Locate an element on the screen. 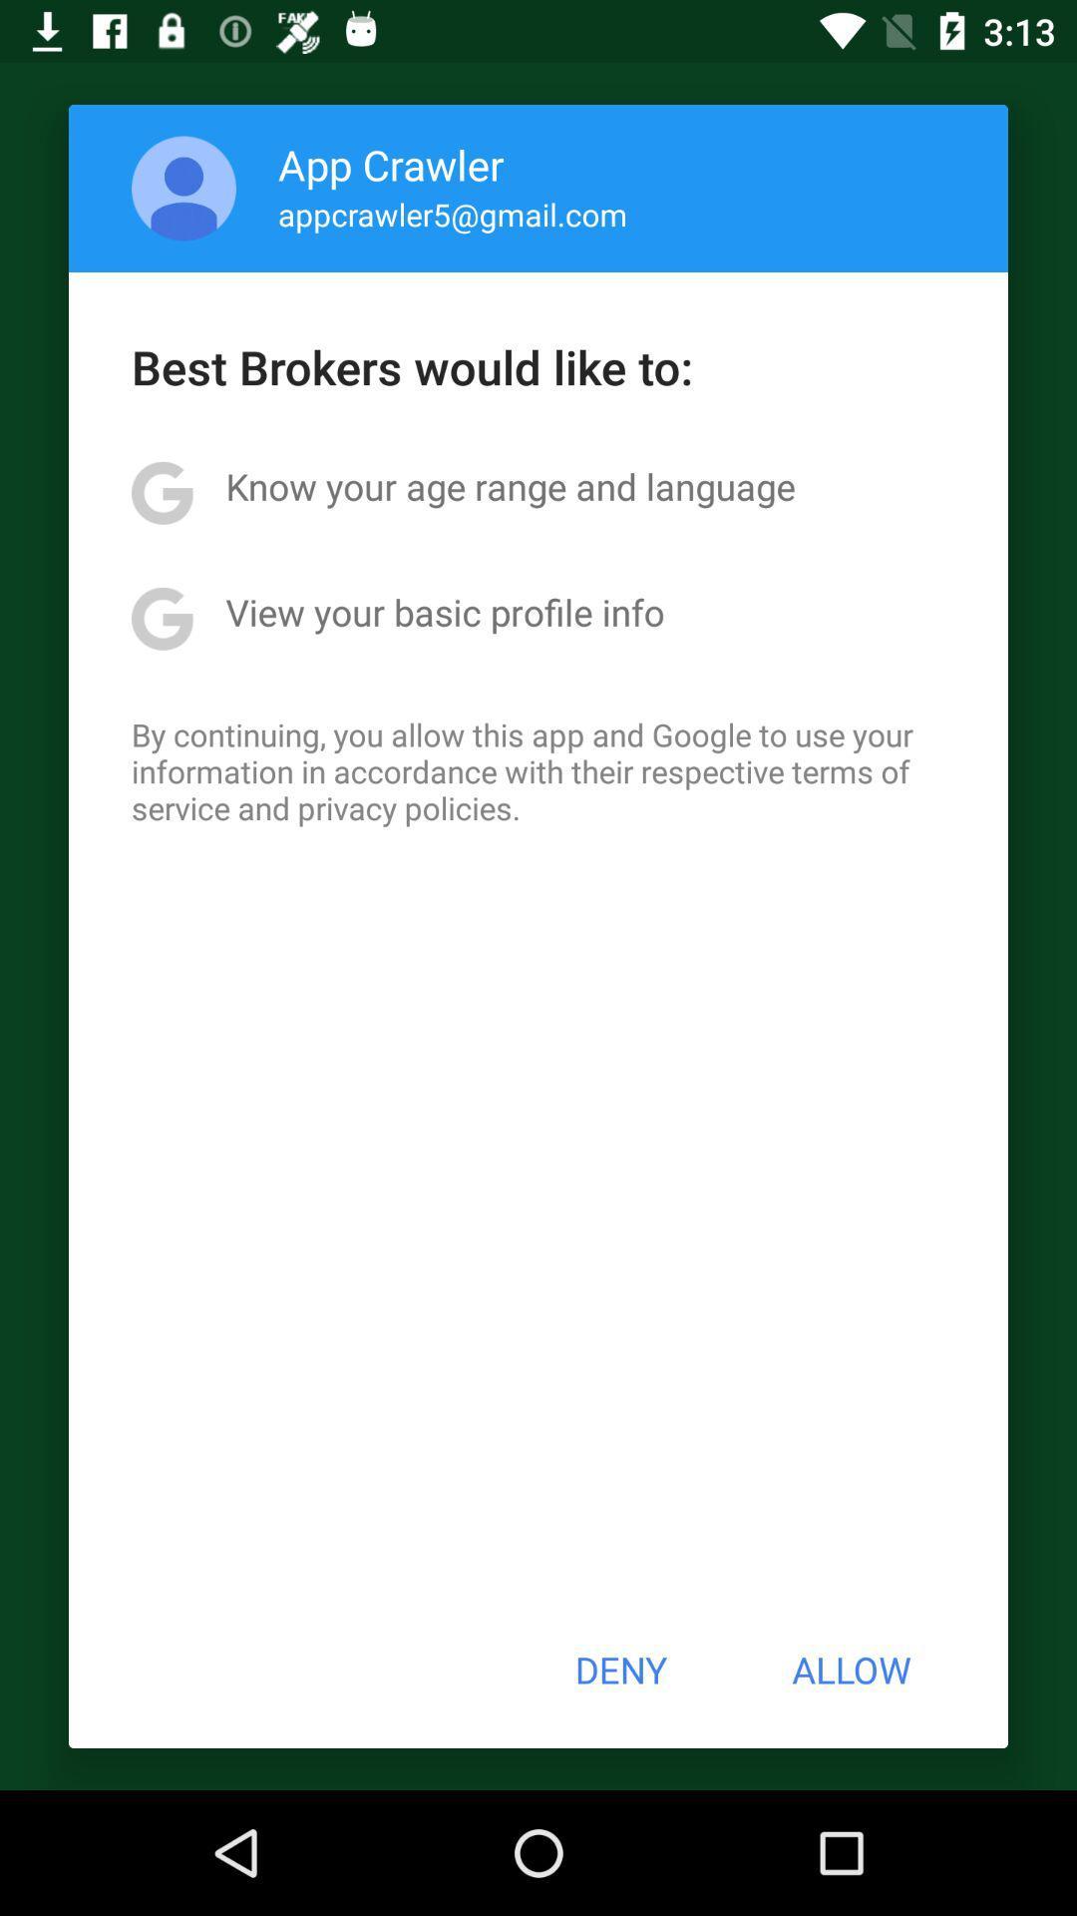 This screenshot has height=1916, width=1077. the item next to the app crawler app is located at coordinates (183, 188).